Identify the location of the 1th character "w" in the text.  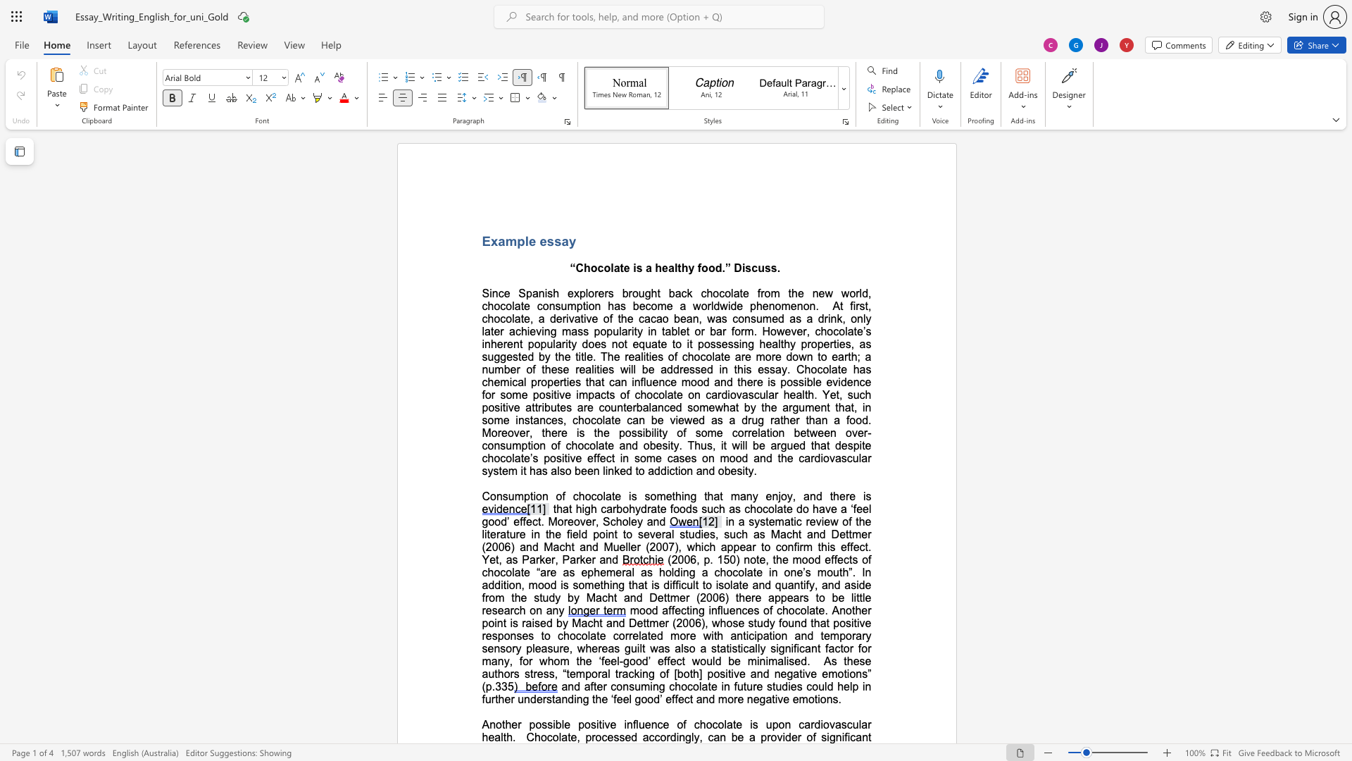
(719, 407).